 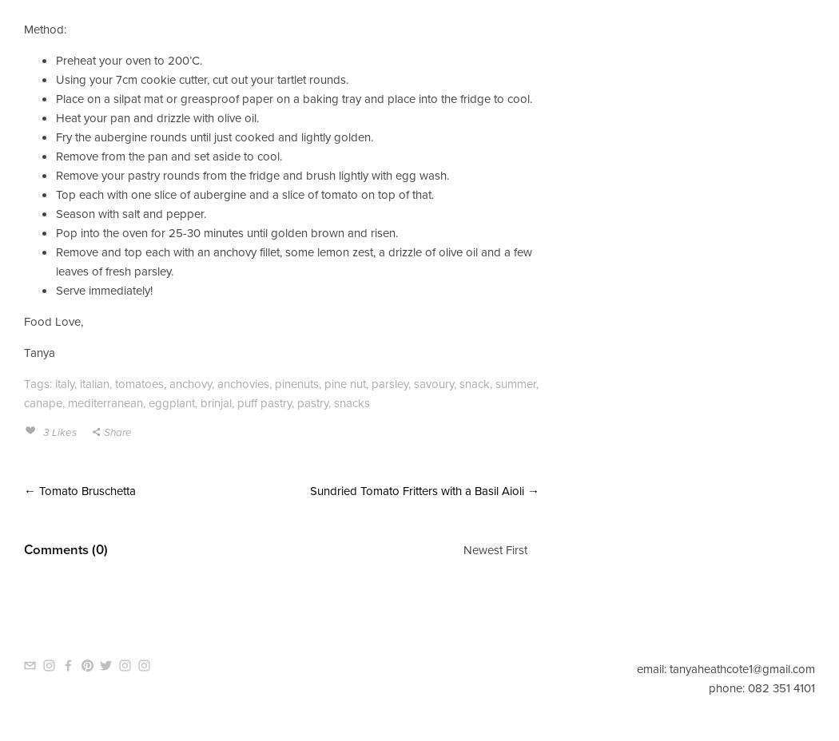 What do you see at coordinates (55, 193) in the screenshot?
I see `'Top each with one slice of aubergine and a slice of tomato on top of that.'` at bounding box center [55, 193].